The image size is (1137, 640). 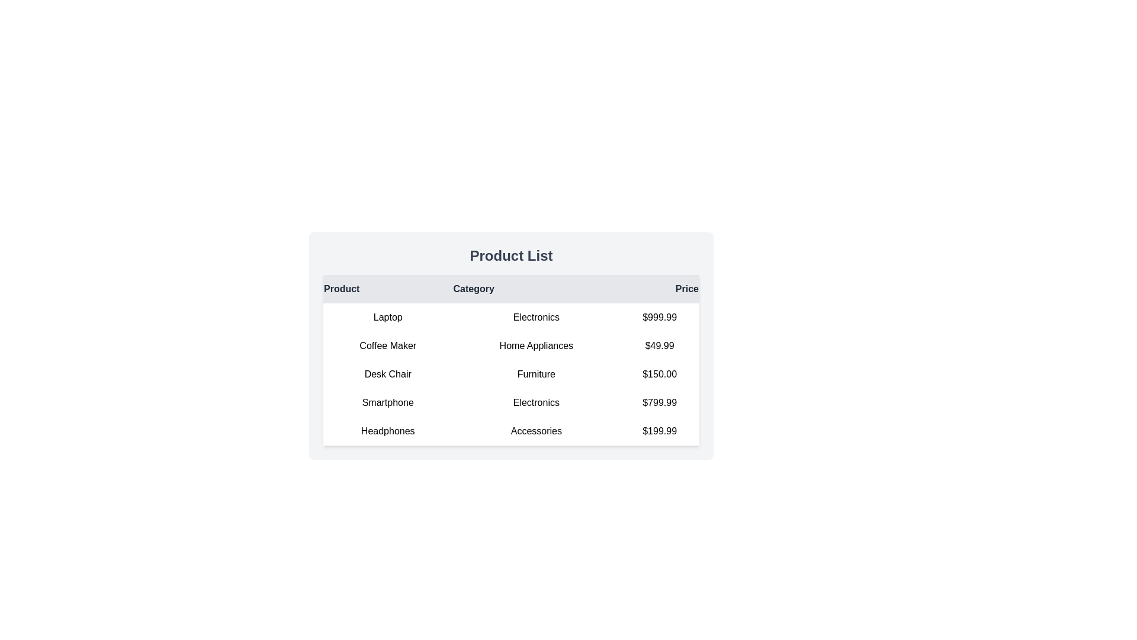 I want to click on the 'Headphones' text label, which is the first entry in the last row of the 'Product' column in the tabular grid layout, so click(x=388, y=431).